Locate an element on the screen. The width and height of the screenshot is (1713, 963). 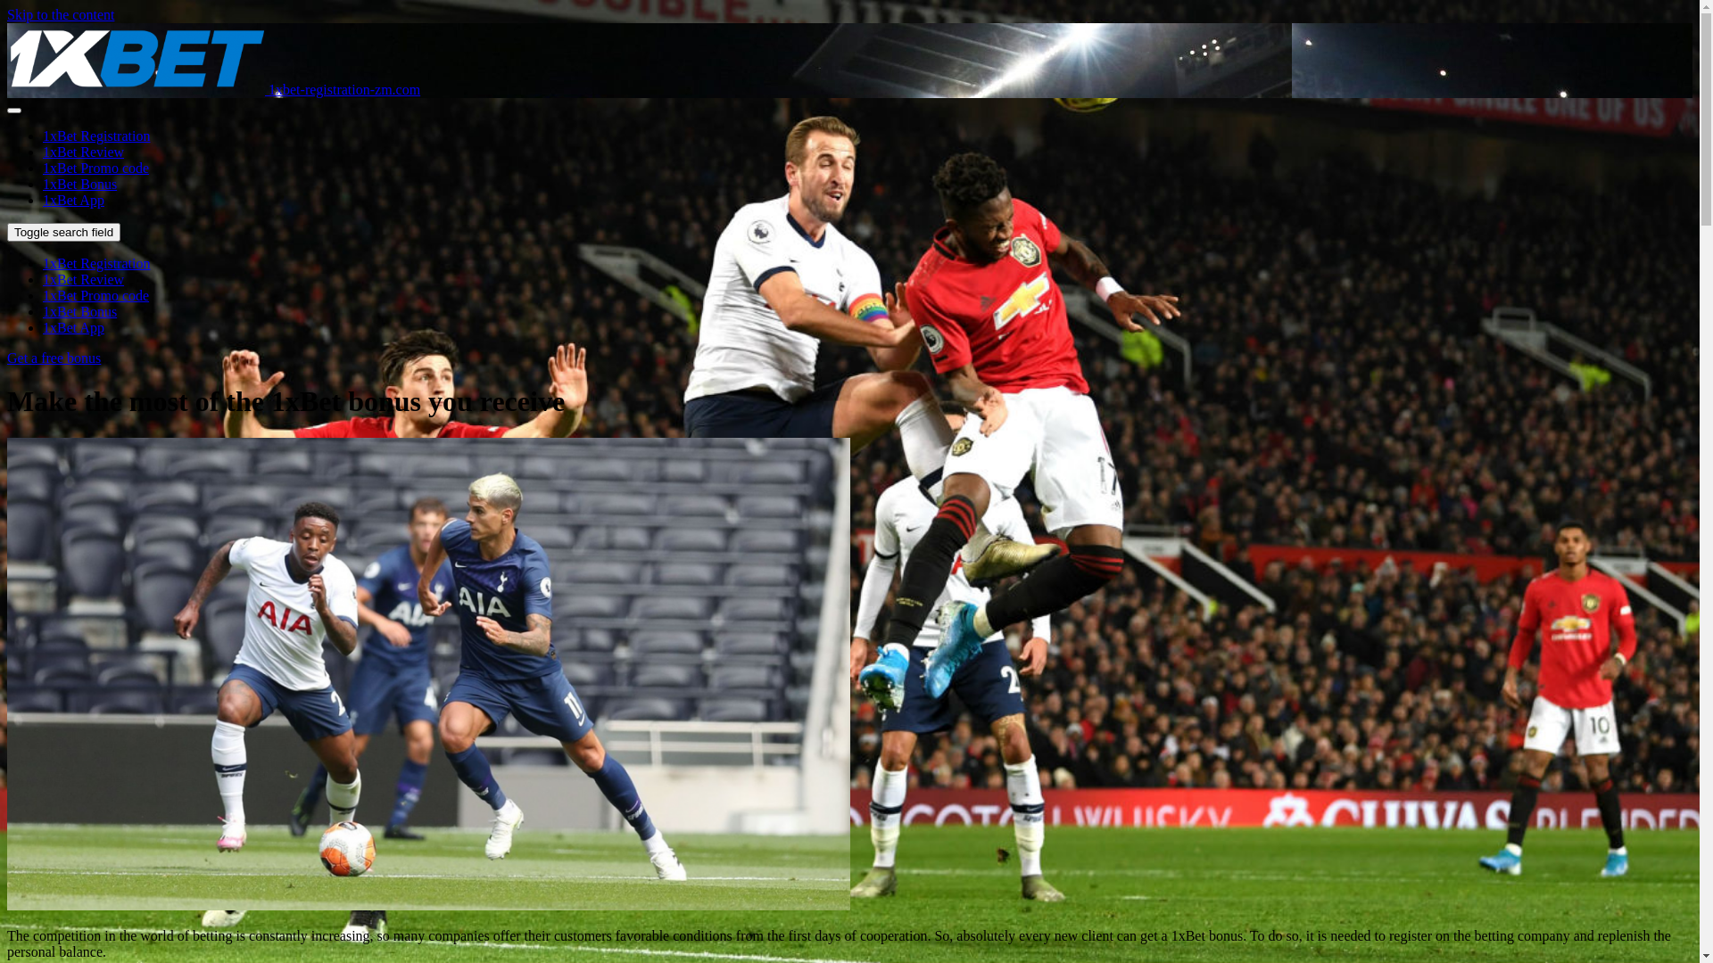
'1xBet Review' is located at coordinates (82, 279).